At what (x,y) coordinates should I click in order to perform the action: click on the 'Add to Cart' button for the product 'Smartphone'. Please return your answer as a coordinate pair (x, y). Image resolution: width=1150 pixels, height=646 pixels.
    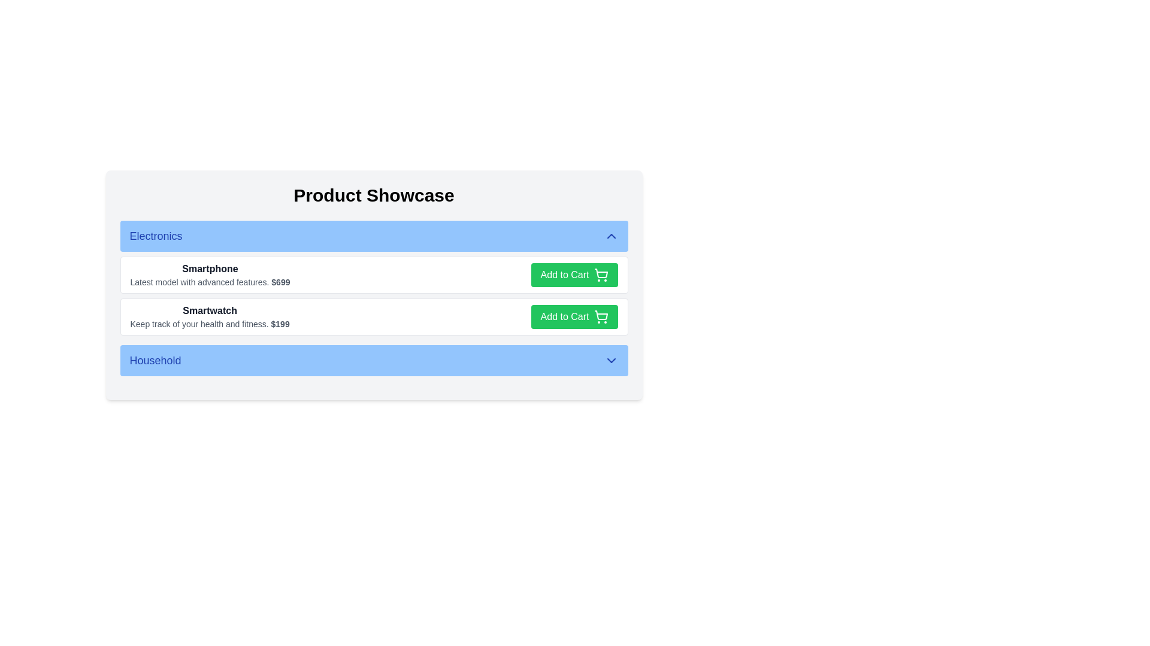
    Looking at the image, I should click on (574, 275).